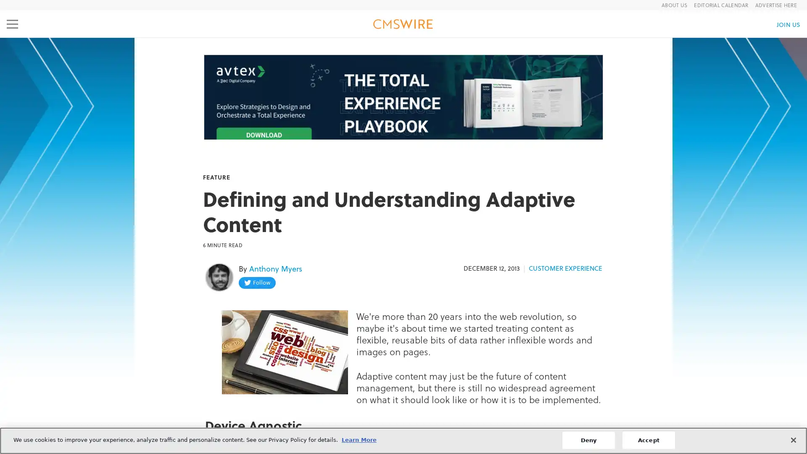 This screenshot has width=807, height=454. Describe the element at coordinates (12, 24) in the screenshot. I see `Open main menu` at that location.